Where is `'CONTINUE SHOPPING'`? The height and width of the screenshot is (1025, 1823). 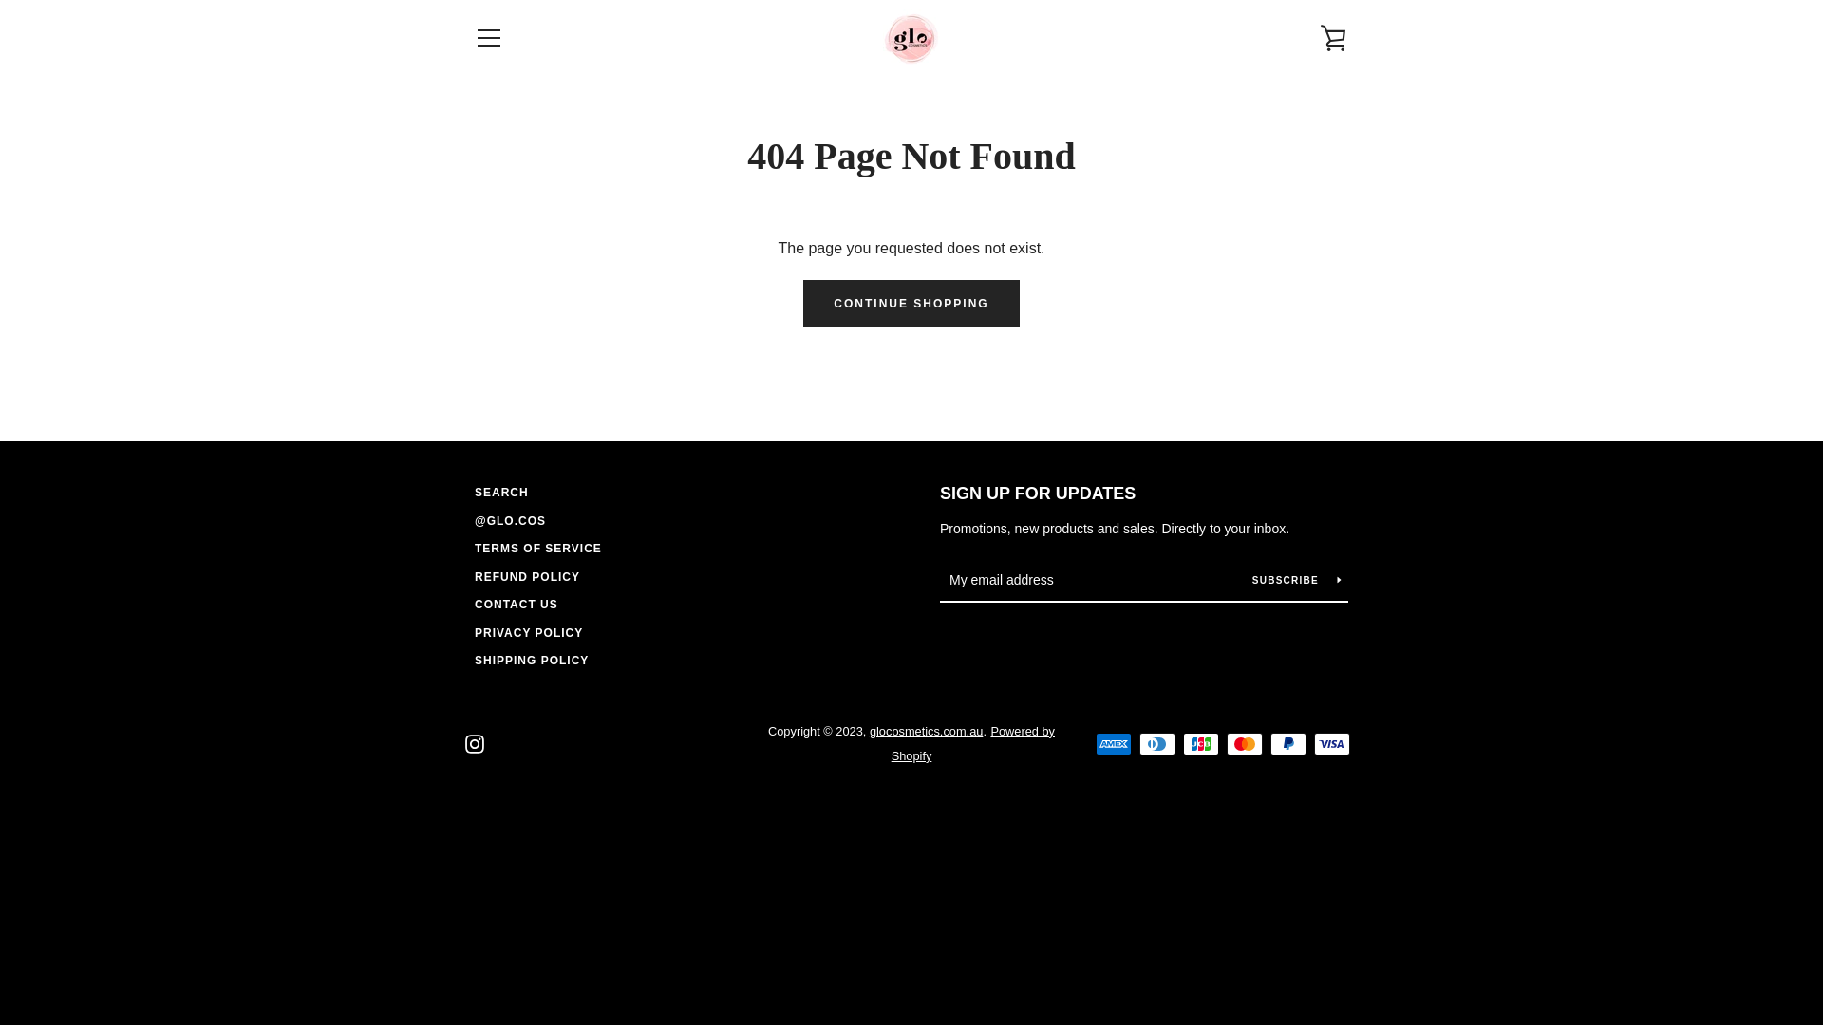 'CONTINUE SHOPPING' is located at coordinates (910, 303).